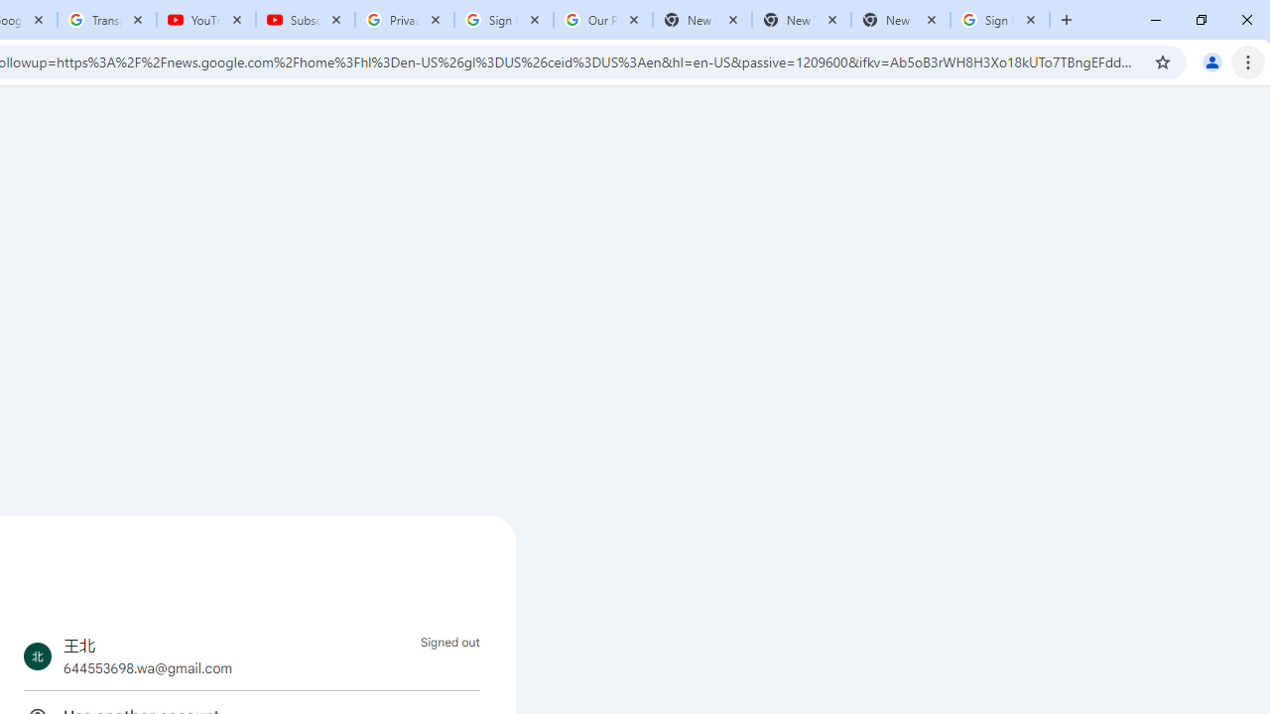 This screenshot has height=714, width=1270. I want to click on 'YouTube', so click(206, 20).